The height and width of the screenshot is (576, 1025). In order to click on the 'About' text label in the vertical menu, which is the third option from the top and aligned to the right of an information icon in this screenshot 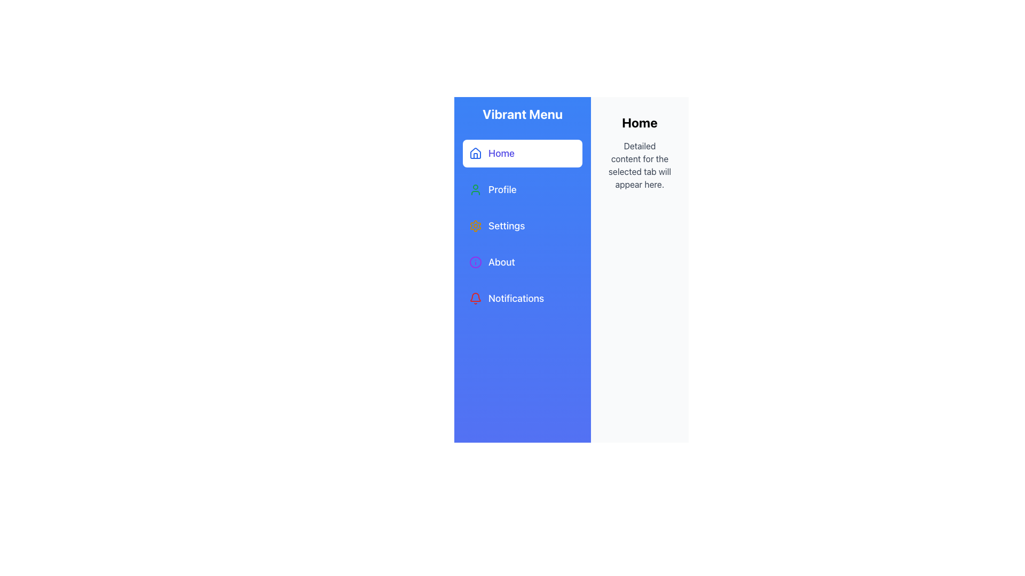, I will do `click(501, 262)`.